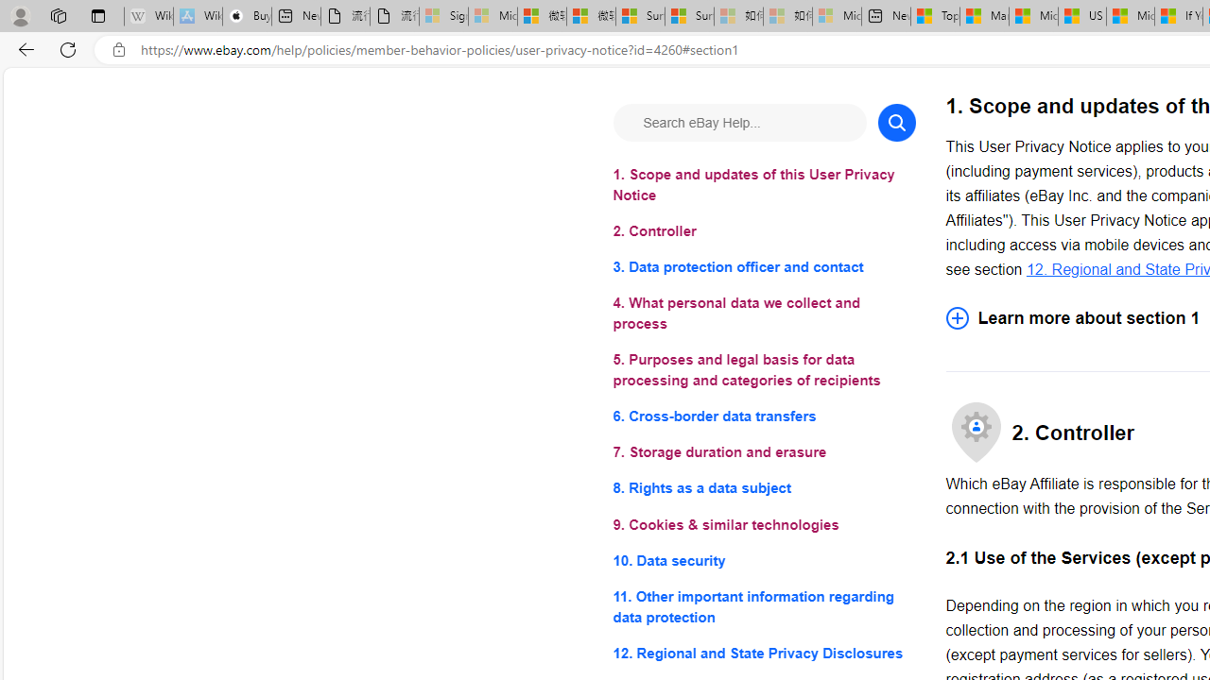 This screenshot has height=680, width=1210. Describe the element at coordinates (764, 313) in the screenshot. I see `'4. What personal data we collect and process'` at that location.